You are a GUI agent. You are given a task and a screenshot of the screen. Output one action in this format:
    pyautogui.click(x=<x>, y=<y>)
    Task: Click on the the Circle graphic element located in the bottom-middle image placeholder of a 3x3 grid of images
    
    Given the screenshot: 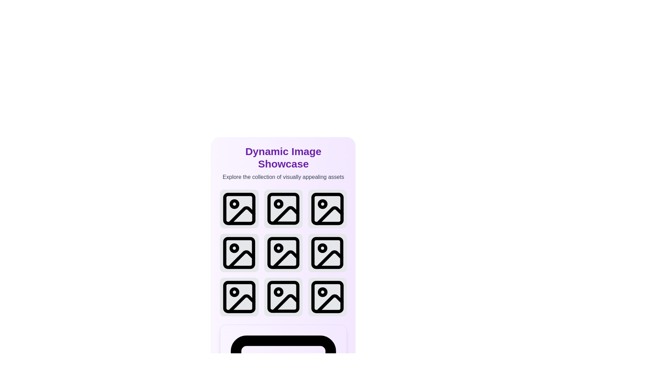 What is the action you would take?
    pyautogui.click(x=278, y=292)
    